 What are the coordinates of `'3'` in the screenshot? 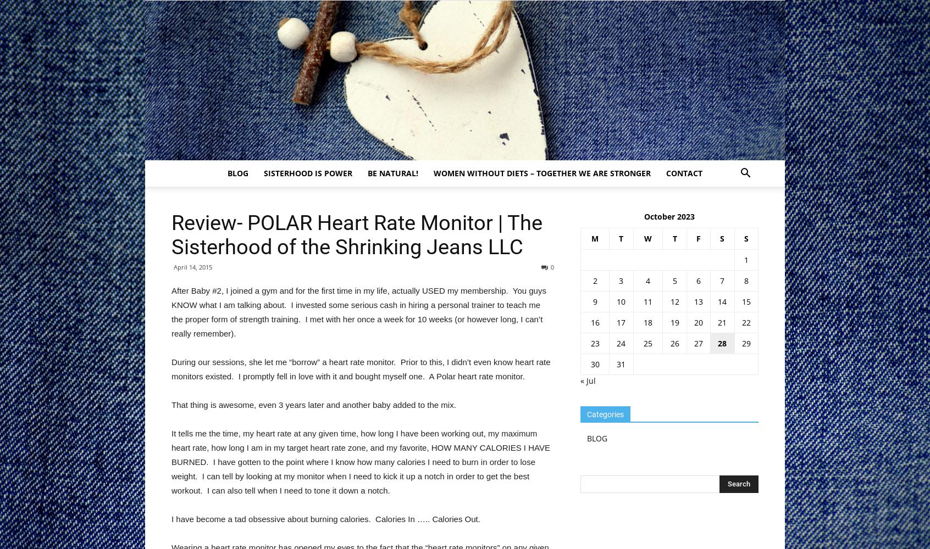 It's located at (620, 281).